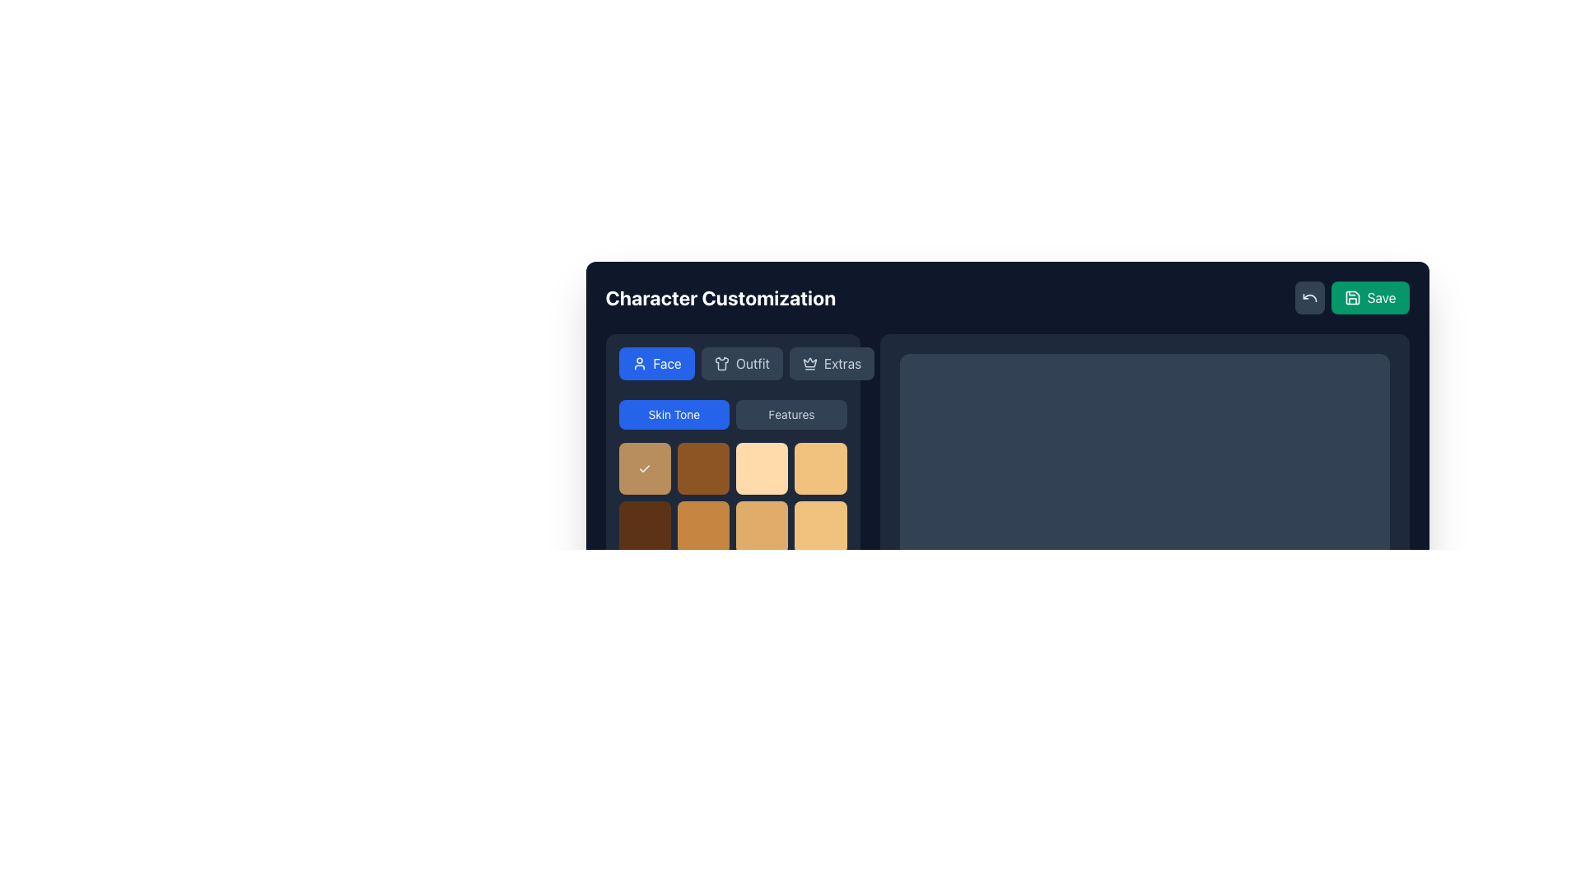 This screenshot has height=889, width=1581. What do you see at coordinates (732, 414) in the screenshot?
I see `the 'Skin Tone' button, which is part of the button group in the 'Character Customization' section` at bounding box center [732, 414].